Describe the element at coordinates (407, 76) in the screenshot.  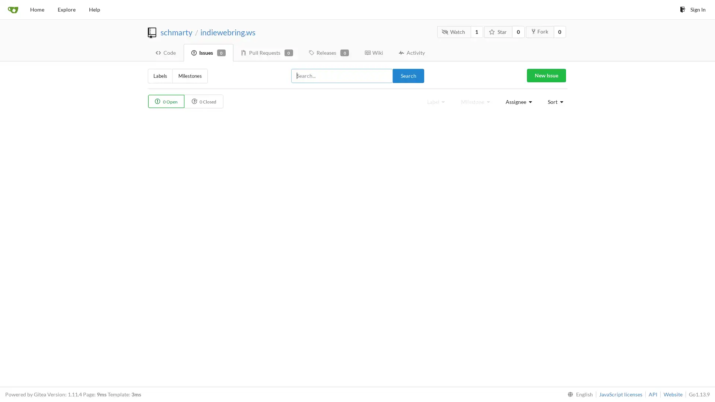
I see `Search` at that location.